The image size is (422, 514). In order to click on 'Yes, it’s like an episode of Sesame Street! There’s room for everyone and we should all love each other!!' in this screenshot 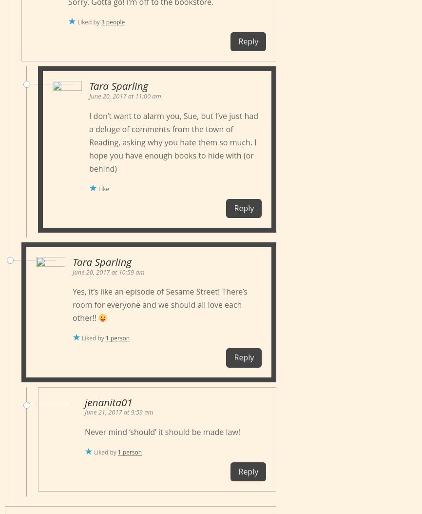, I will do `click(159, 304)`.